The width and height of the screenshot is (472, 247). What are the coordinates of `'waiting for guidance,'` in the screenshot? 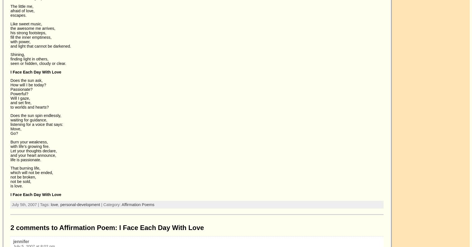 It's located at (29, 120).